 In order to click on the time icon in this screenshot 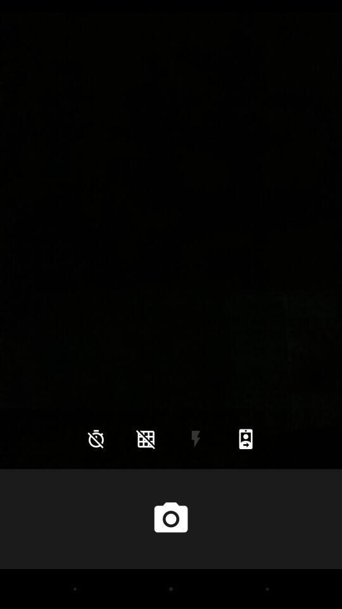, I will do `click(95, 439)`.